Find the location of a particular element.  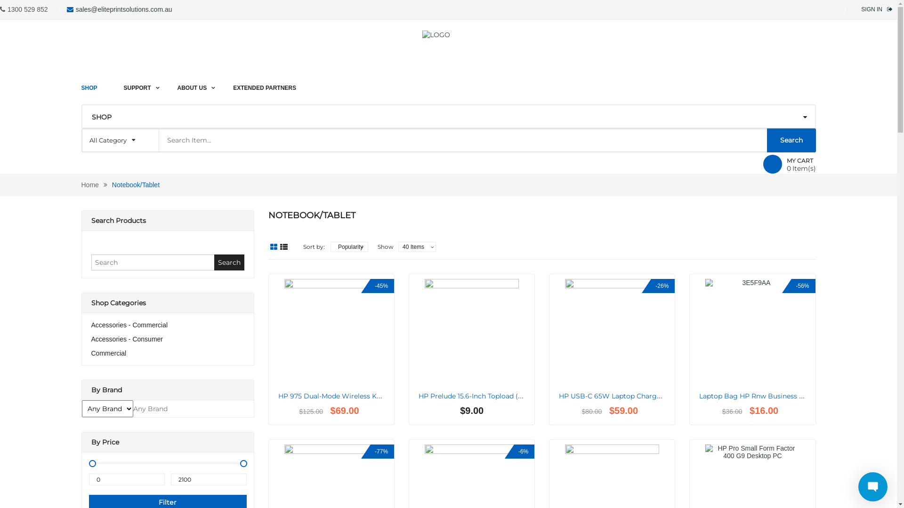

'Commercial' is located at coordinates (109, 353).